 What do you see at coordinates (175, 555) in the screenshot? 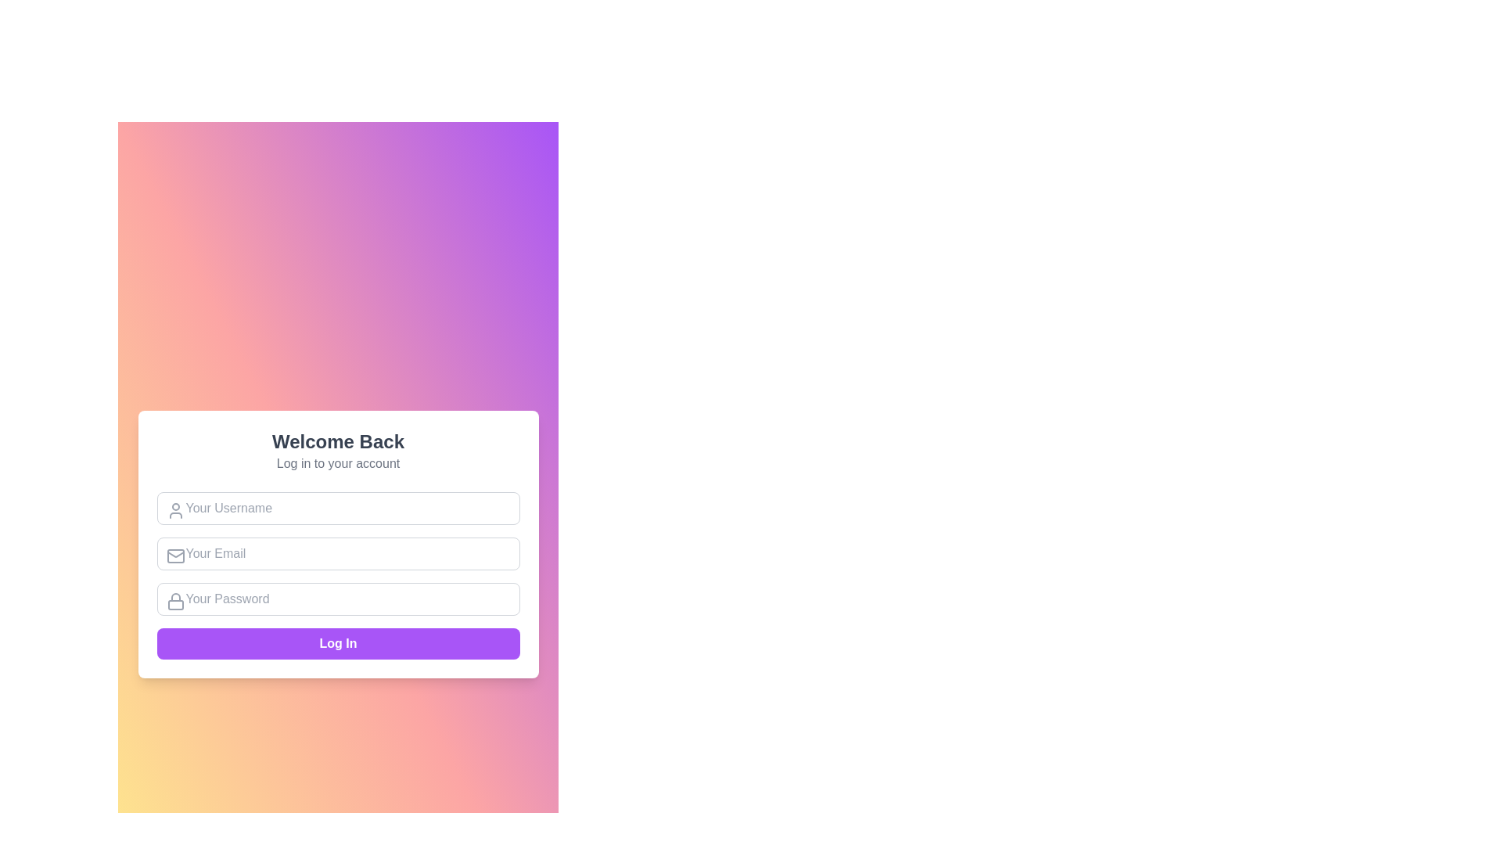
I see `the decorative email icon located in the upper left corner of the 'Your Email' input field` at bounding box center [175, 555].